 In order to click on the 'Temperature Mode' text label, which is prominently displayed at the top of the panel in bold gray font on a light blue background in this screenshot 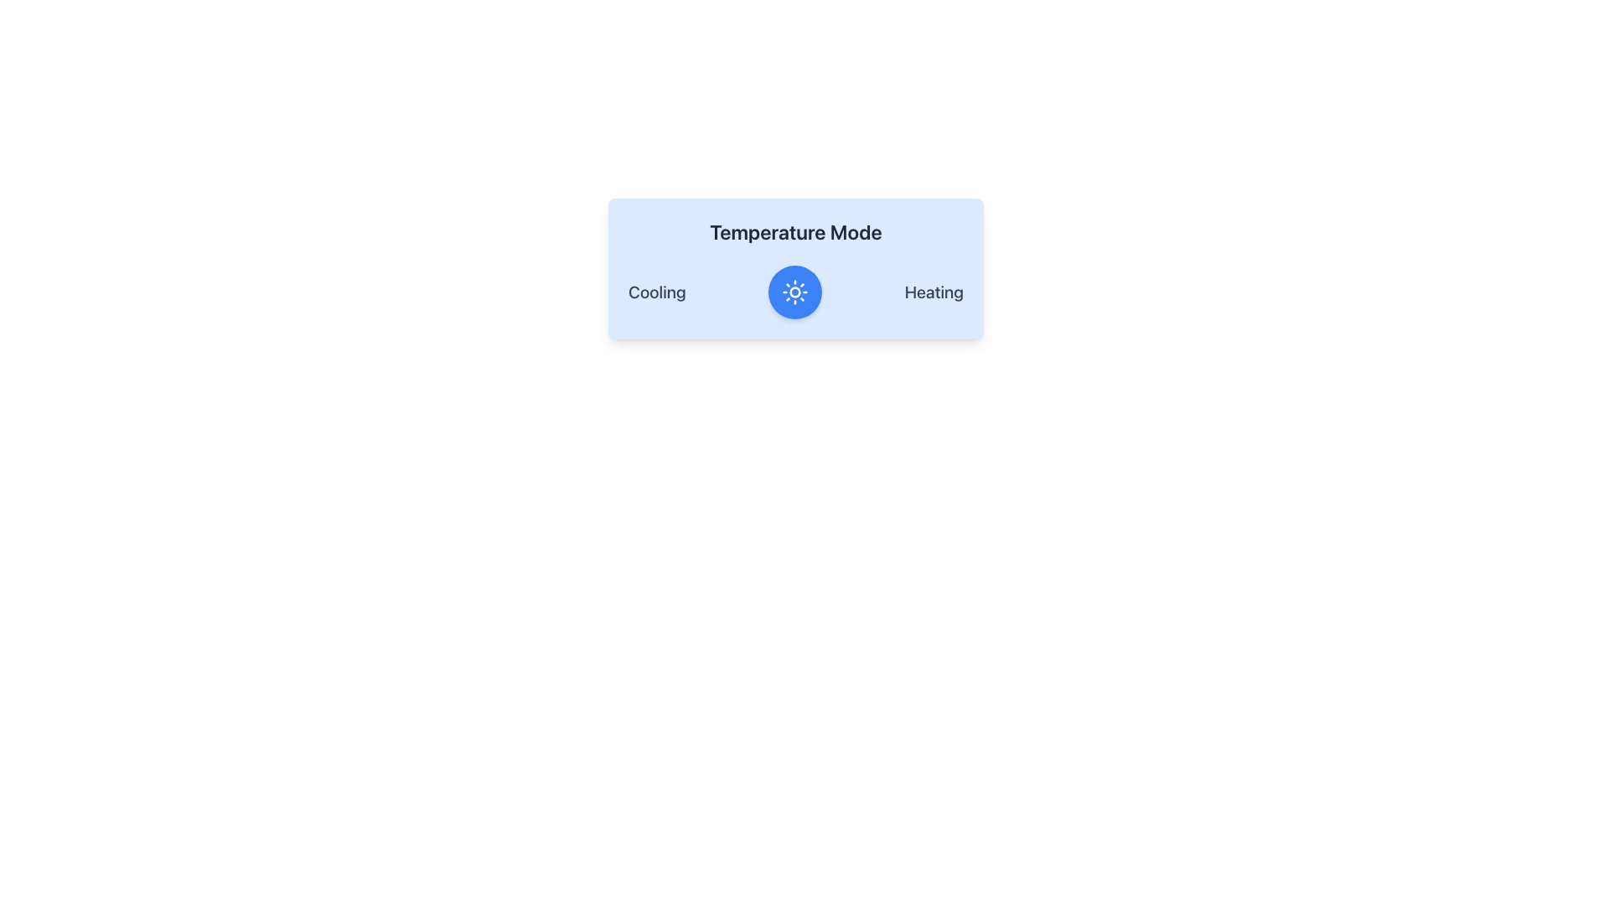, I will do `click(795, 232)`.